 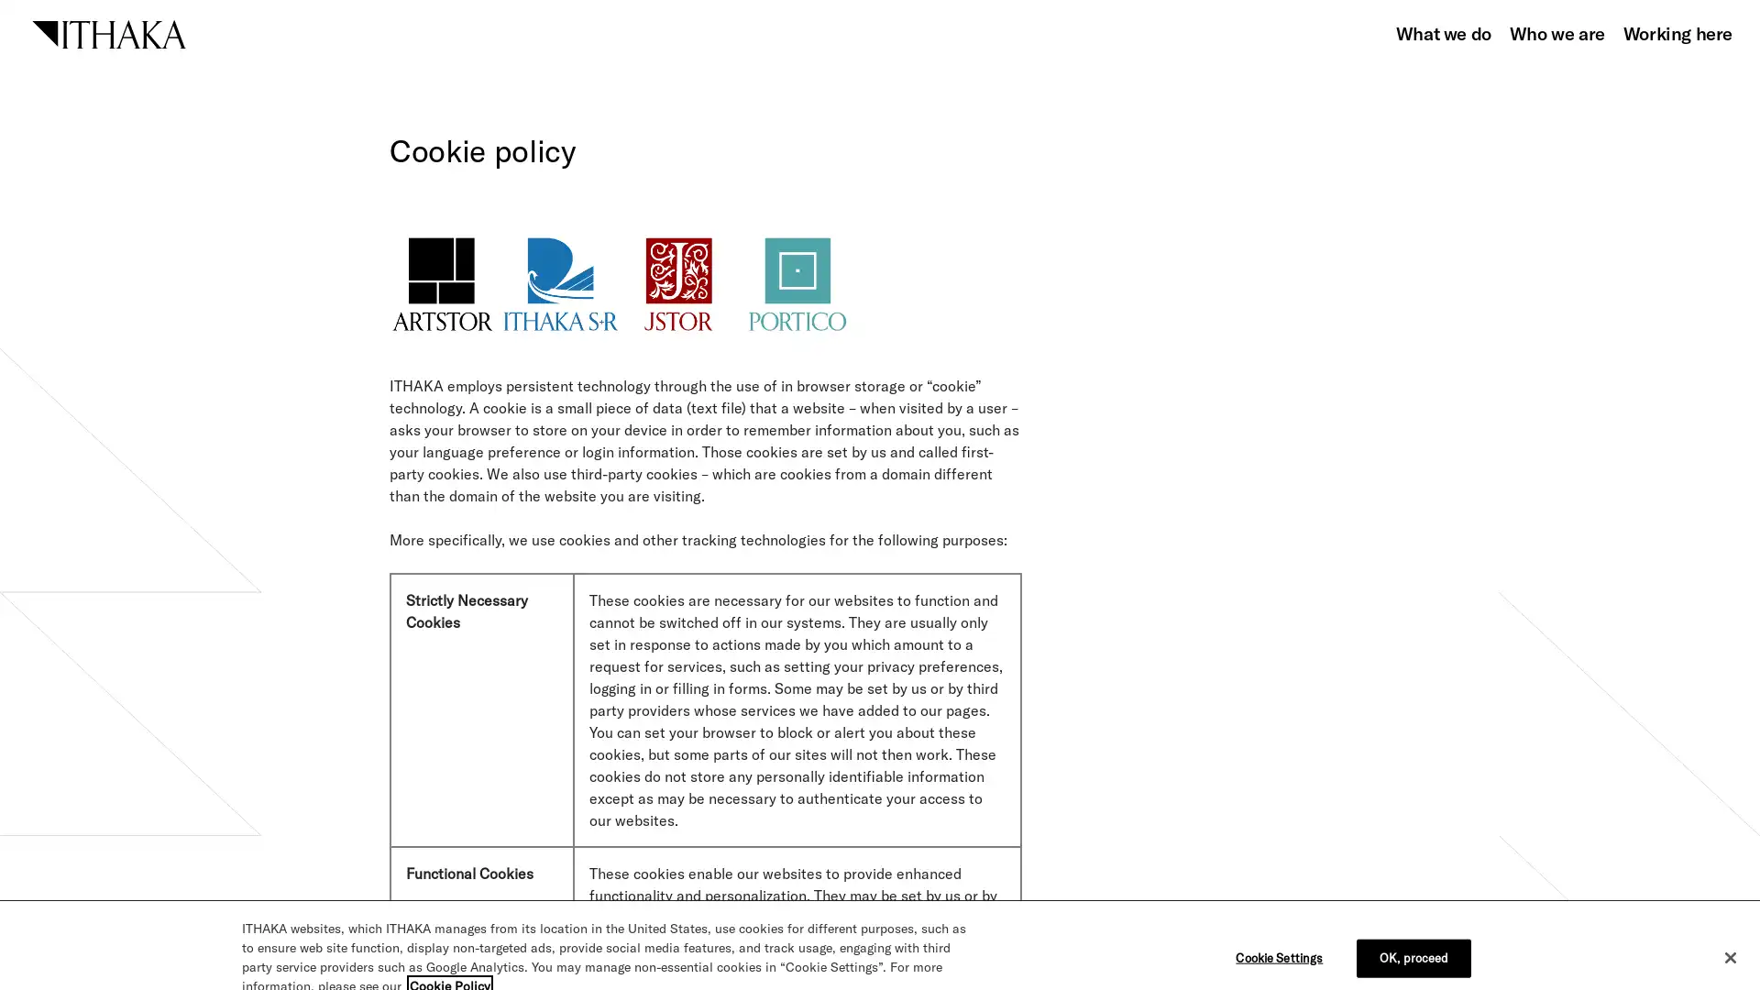 I want to click on Cookie Settings, so click(x=1282, y=929).